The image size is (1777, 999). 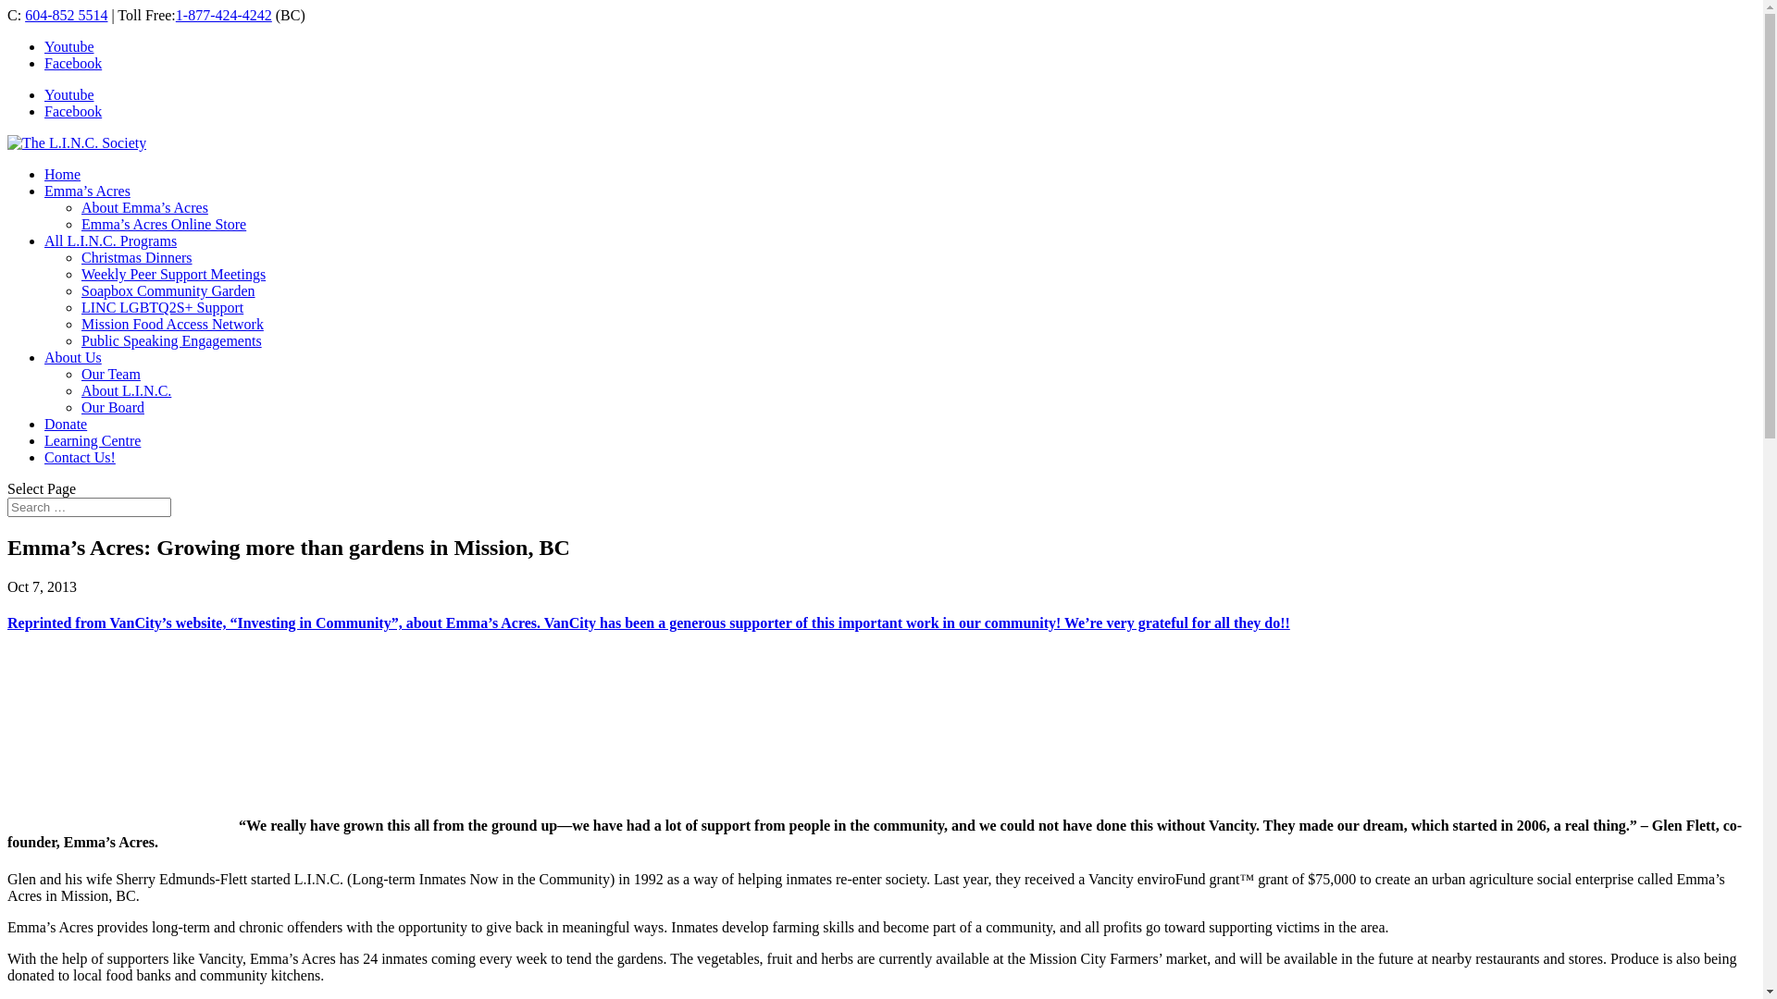 I want to click on 'LINC LGBTQ2S+ Support', so click(x=162, y=306).